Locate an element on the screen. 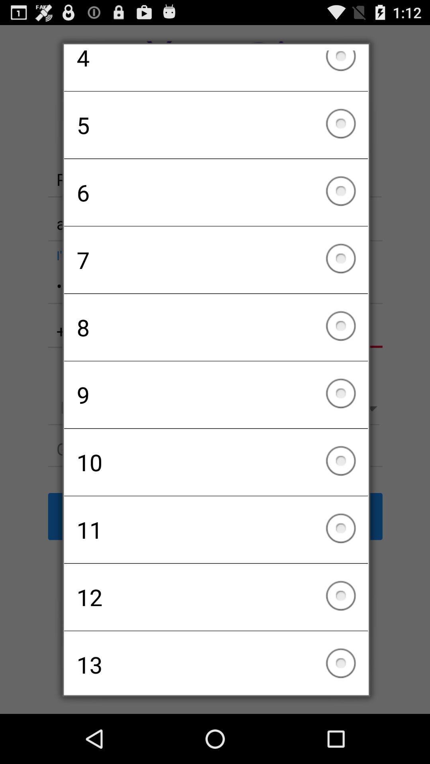 This screenshot has width=430, height=764. the 11 is located at coordinates (216, 530).